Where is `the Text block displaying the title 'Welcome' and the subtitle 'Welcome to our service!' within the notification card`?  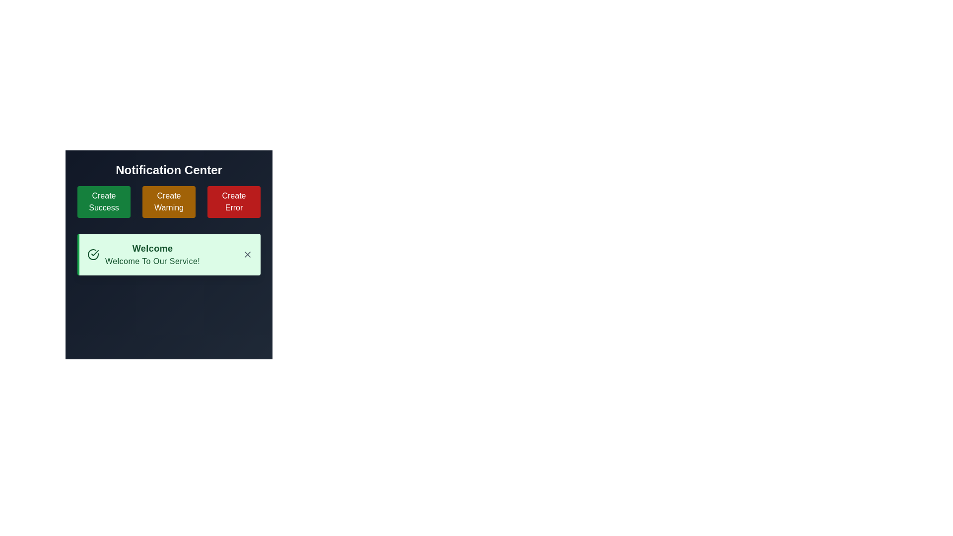
the Text block displaying the title 'Welcome' and the subtitle 'Welcome to our service!' within the notification card is located at coordinates (152, 254).